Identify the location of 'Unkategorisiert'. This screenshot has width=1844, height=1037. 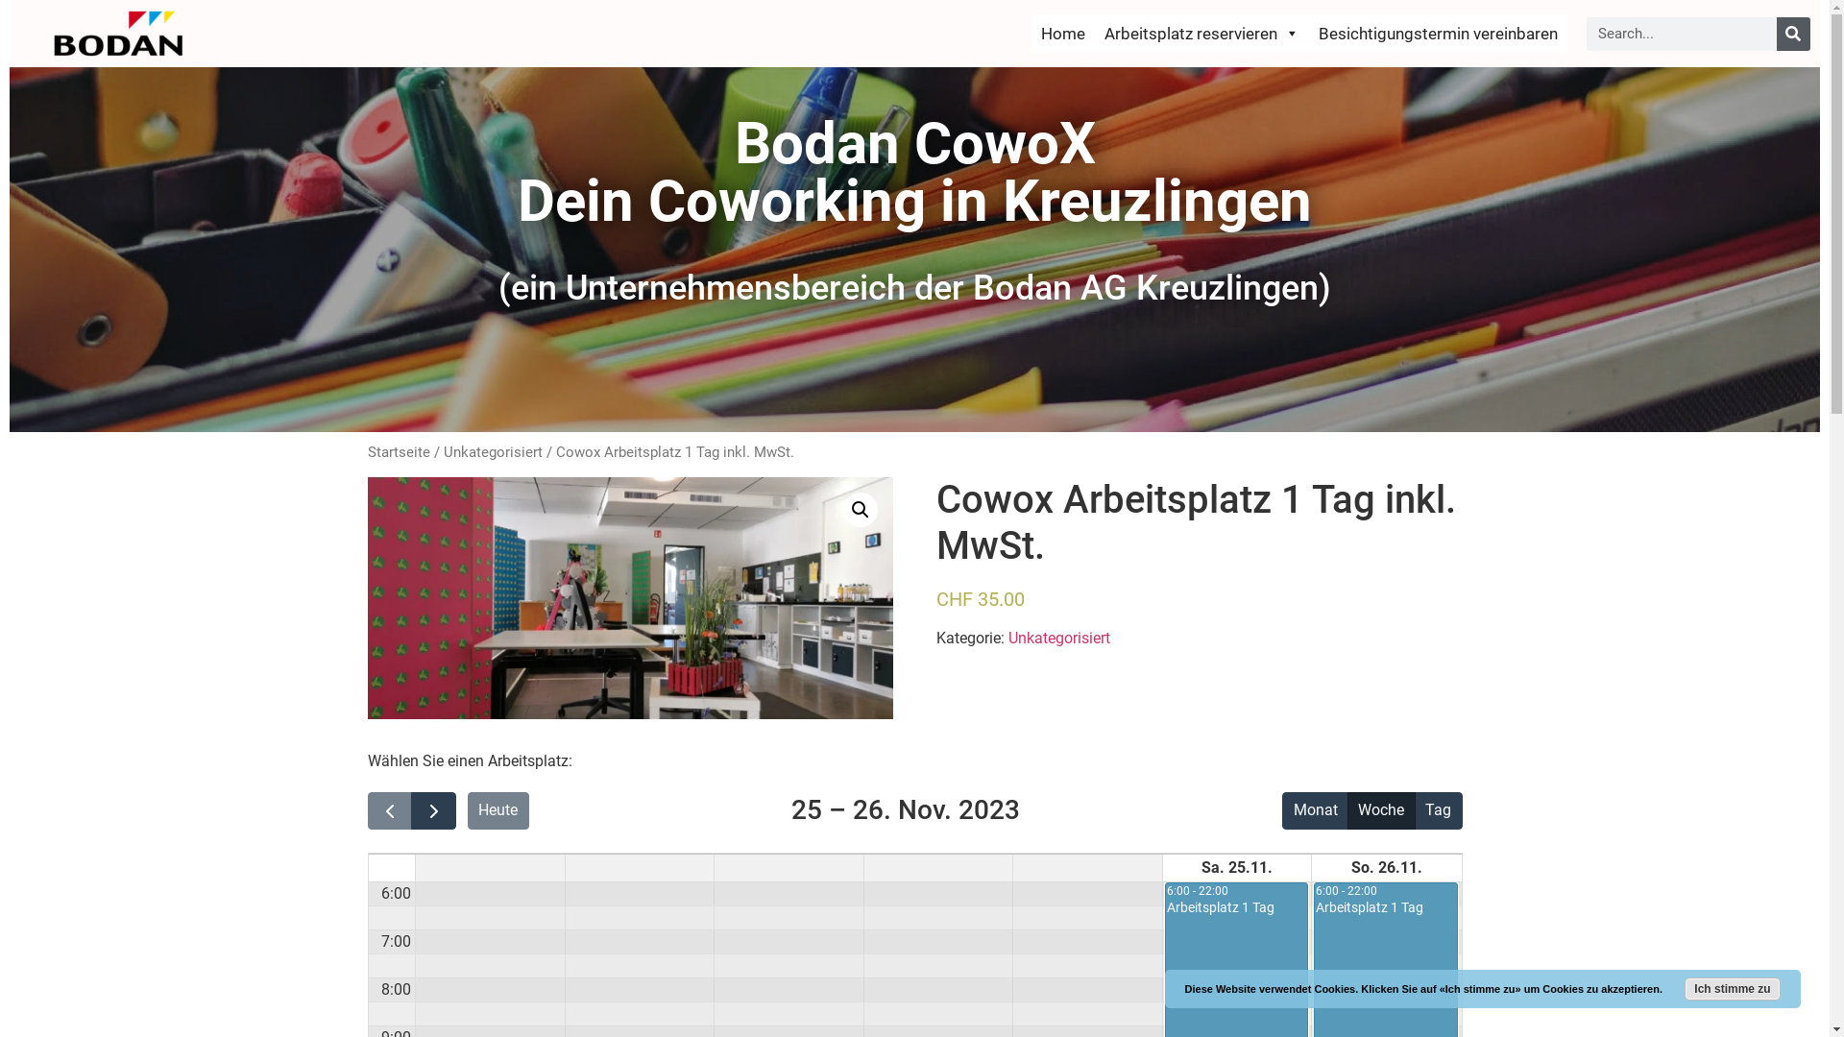
(1007, 638).